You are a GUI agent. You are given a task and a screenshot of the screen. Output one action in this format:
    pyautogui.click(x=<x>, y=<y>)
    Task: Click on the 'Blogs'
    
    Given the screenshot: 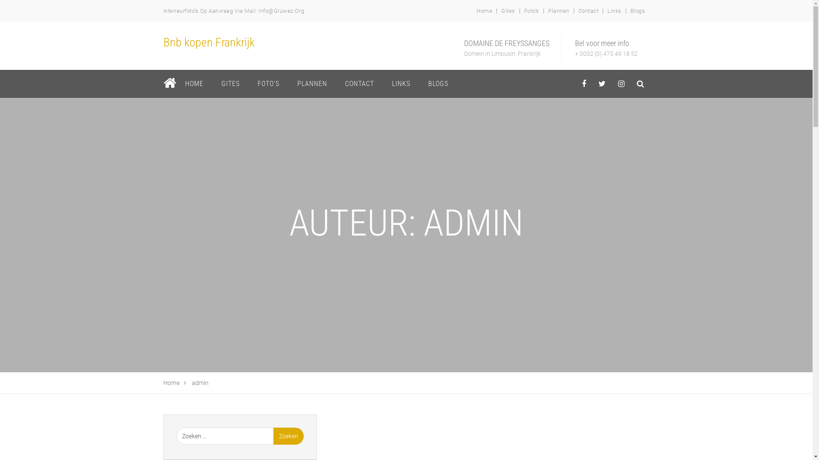 What is the action you would take?
    pyautogui.click(x=638, y=11)
    